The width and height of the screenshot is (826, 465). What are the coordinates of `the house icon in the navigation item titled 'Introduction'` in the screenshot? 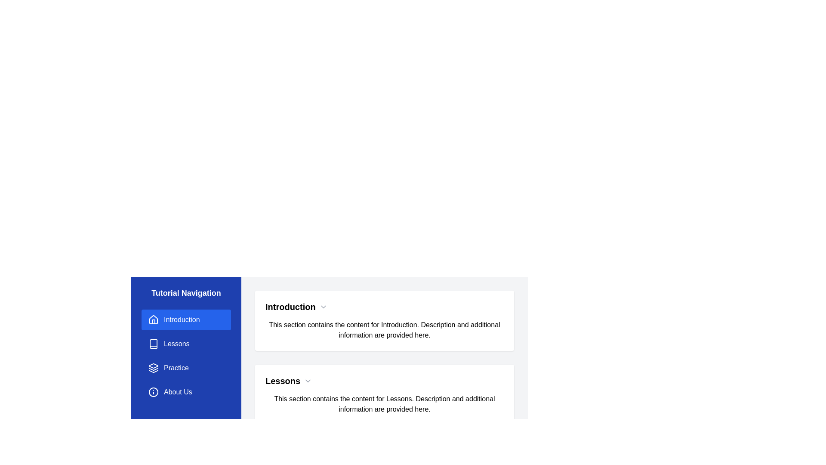 It's located at (153, 320).